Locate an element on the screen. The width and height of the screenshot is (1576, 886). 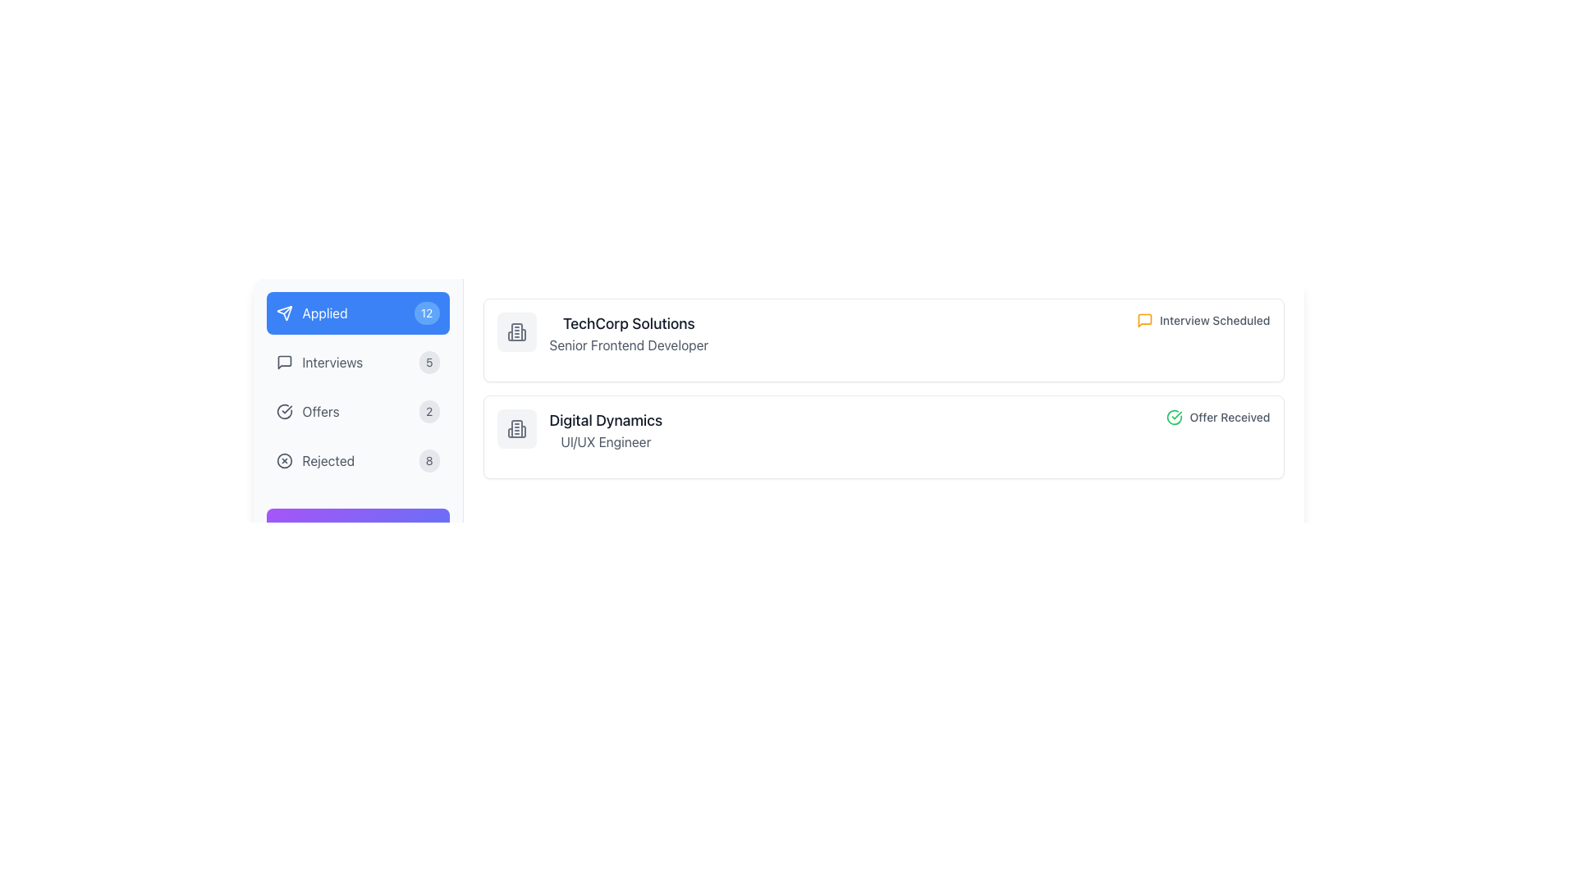
the 'Rejected' category row in the list is located at coordinates (357, 461).